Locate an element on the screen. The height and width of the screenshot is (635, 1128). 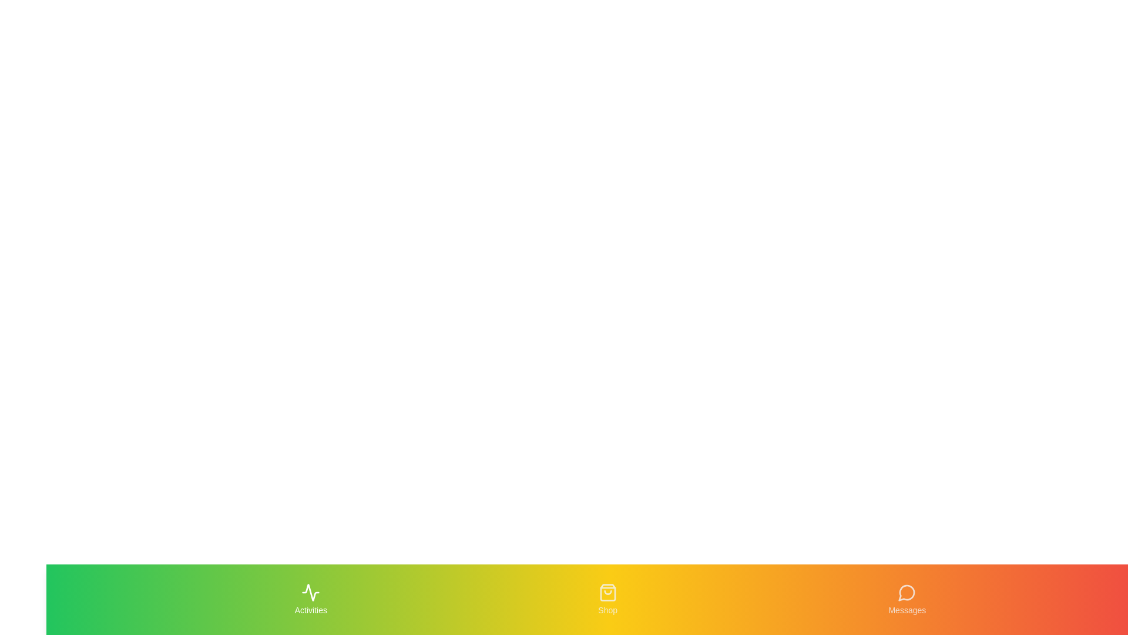
the Shop tab to navigate to its section is located at coordinates (607, 599).